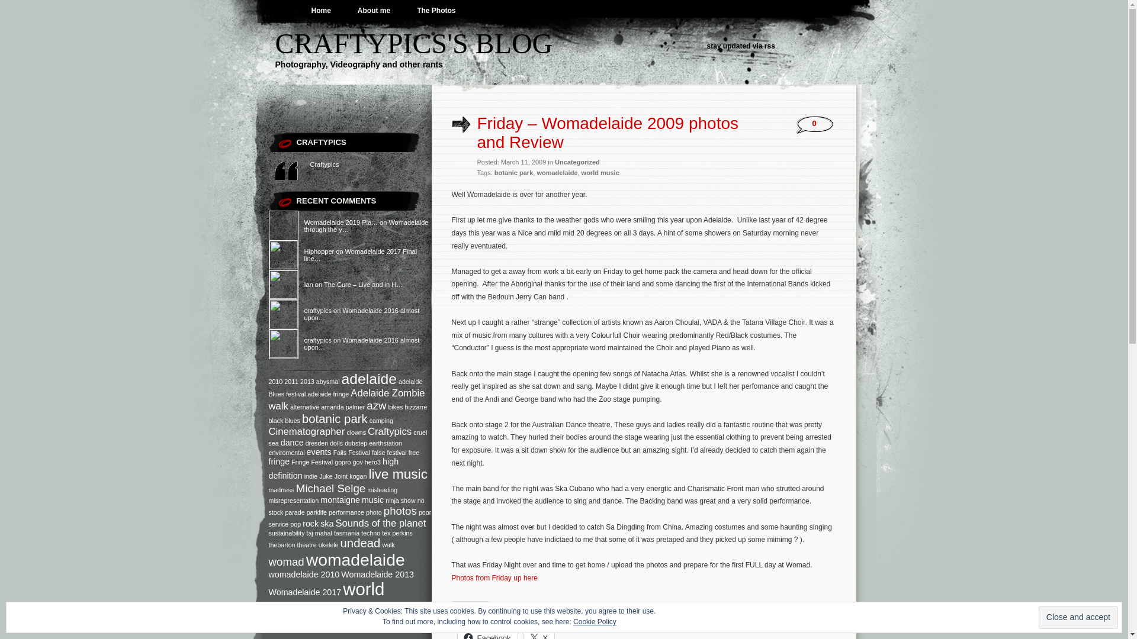  Describe the element at coordinates (281, 490) in the screenshot. I see `'madness'` at that location.